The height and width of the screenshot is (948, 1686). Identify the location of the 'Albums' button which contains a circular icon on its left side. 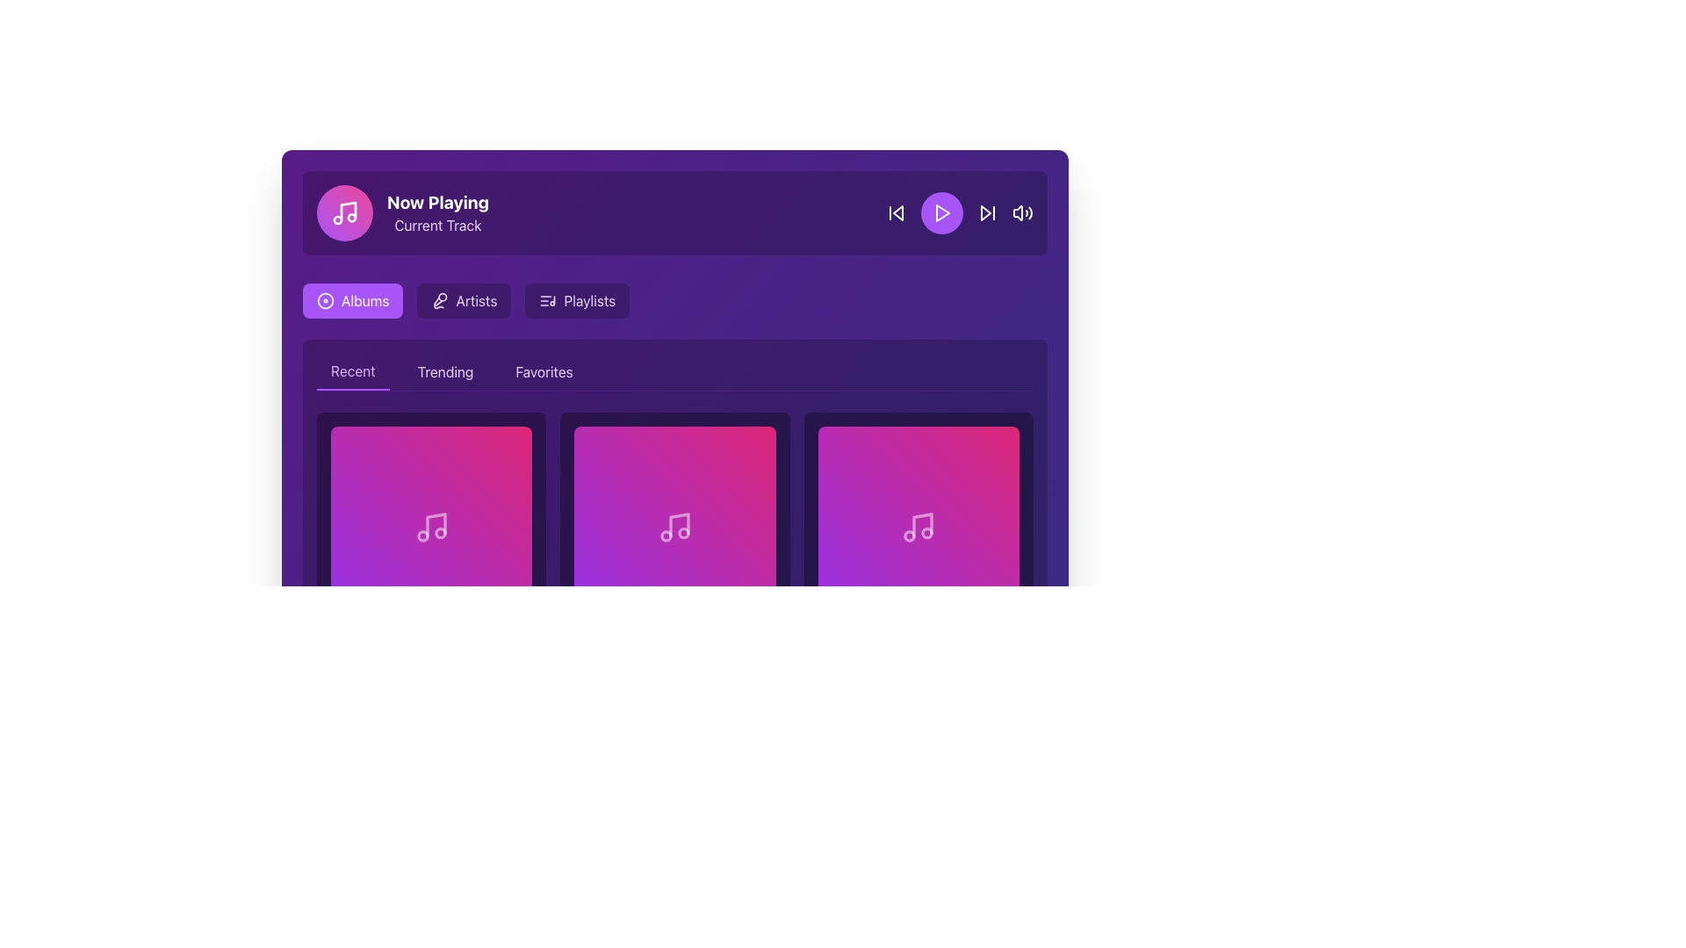
(325, 300).